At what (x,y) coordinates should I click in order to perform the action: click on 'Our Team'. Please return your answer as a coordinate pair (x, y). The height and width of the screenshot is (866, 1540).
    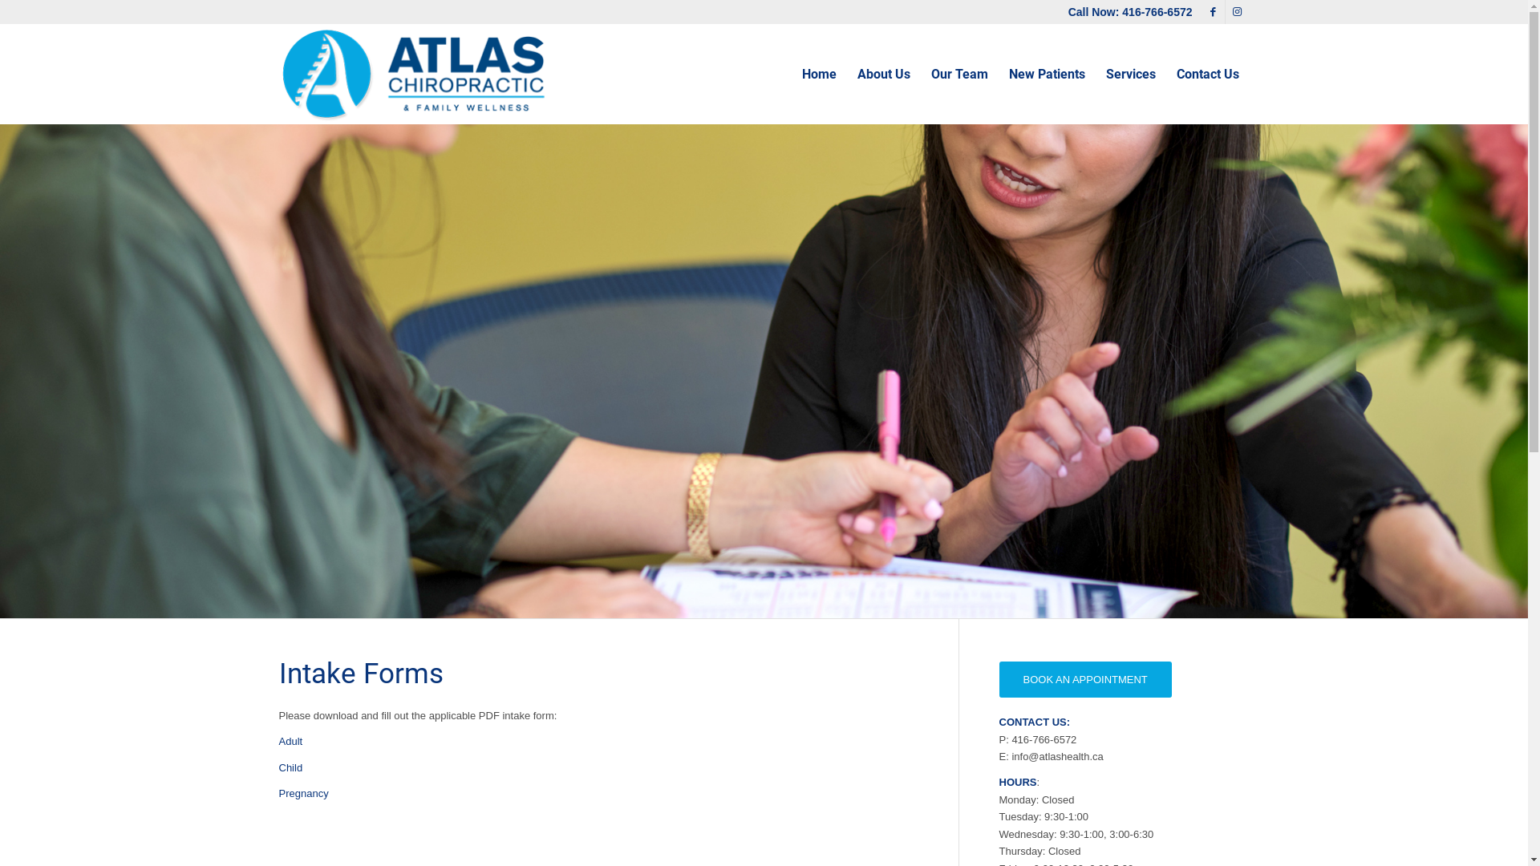
    Looking at the image, I should click on (959, 74).